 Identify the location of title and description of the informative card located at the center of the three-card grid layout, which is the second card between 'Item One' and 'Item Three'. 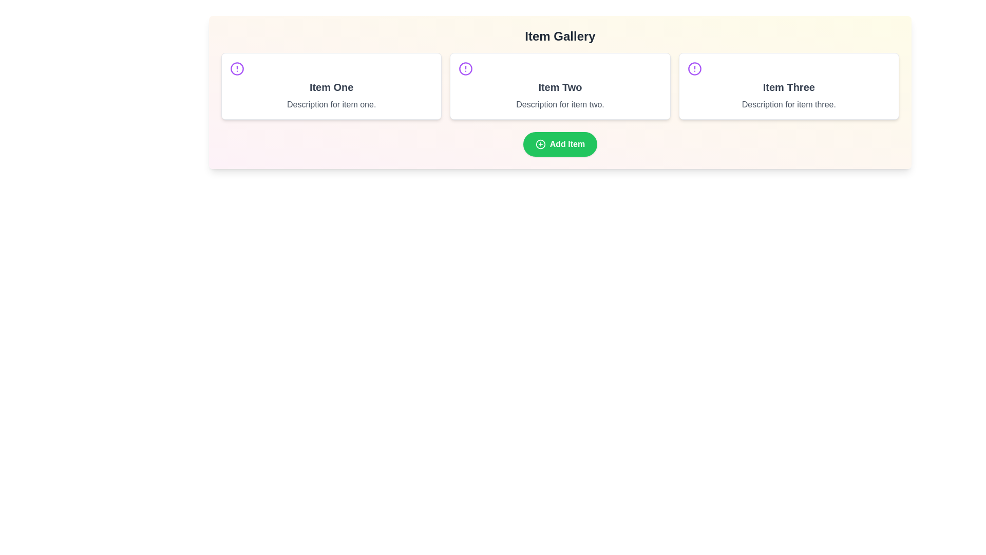
(559, 86).